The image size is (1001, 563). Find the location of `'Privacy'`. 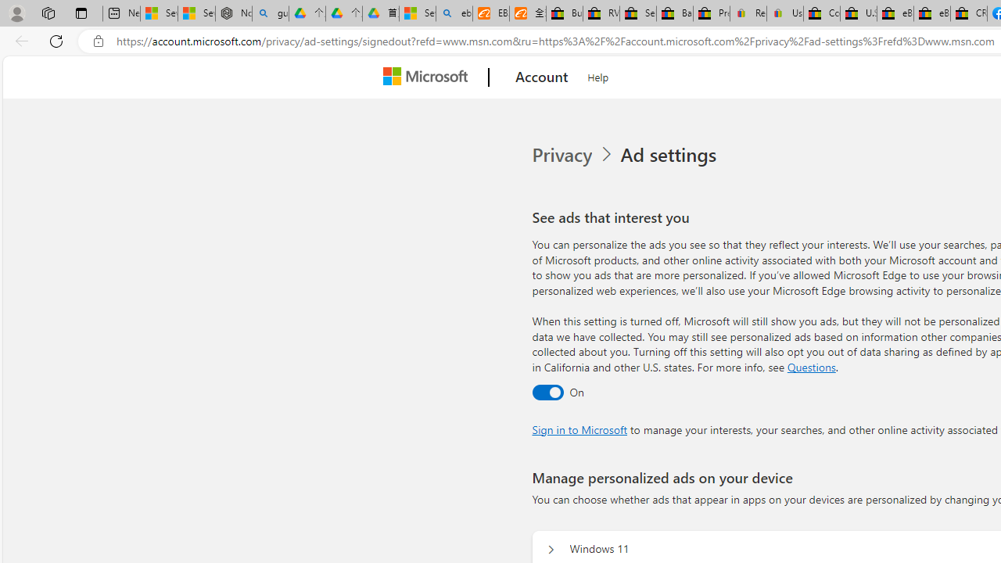

'Privacy' is located at coordinates (573, 155).